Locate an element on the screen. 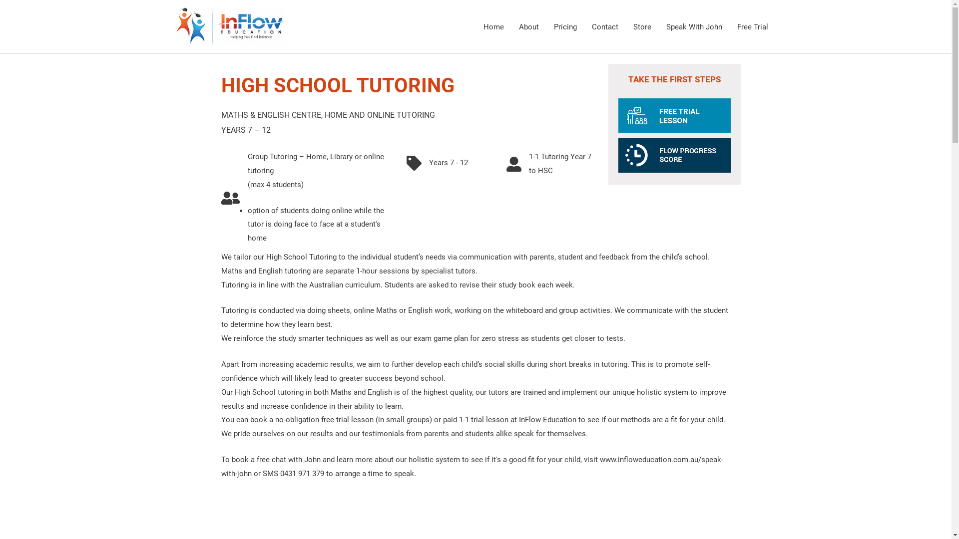  'Pricing' is located at coordinates (565, 26).